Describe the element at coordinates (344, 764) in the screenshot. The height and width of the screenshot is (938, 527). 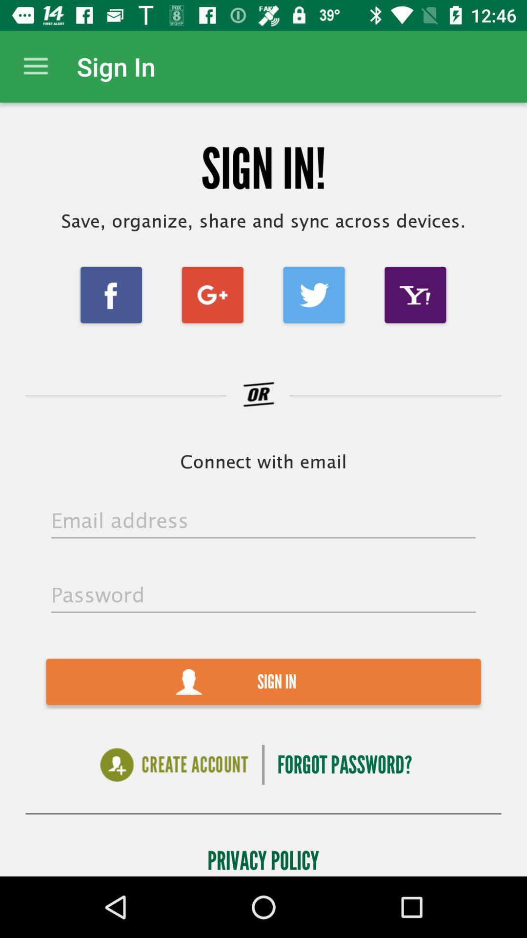
I see `item below sign in icon` at that location.